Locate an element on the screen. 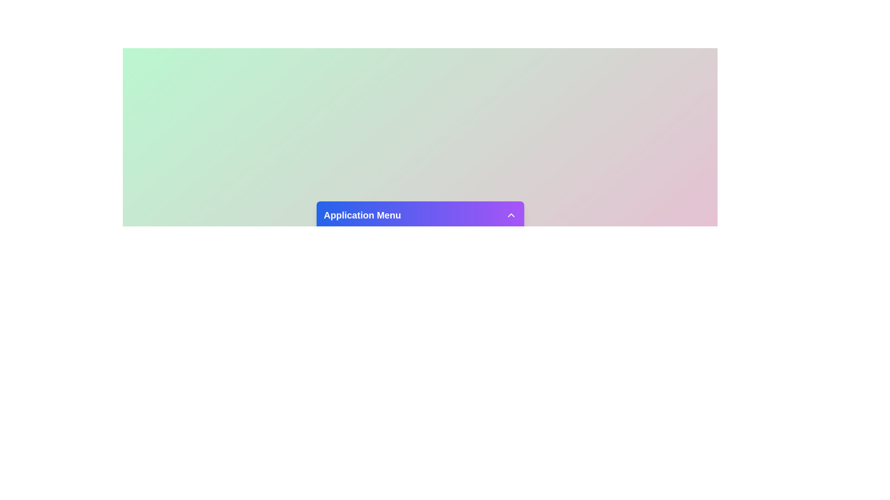 This screenshot has height=500, width=890. toggle button to change the menu's open/close state is located at coordinates (510, 215).